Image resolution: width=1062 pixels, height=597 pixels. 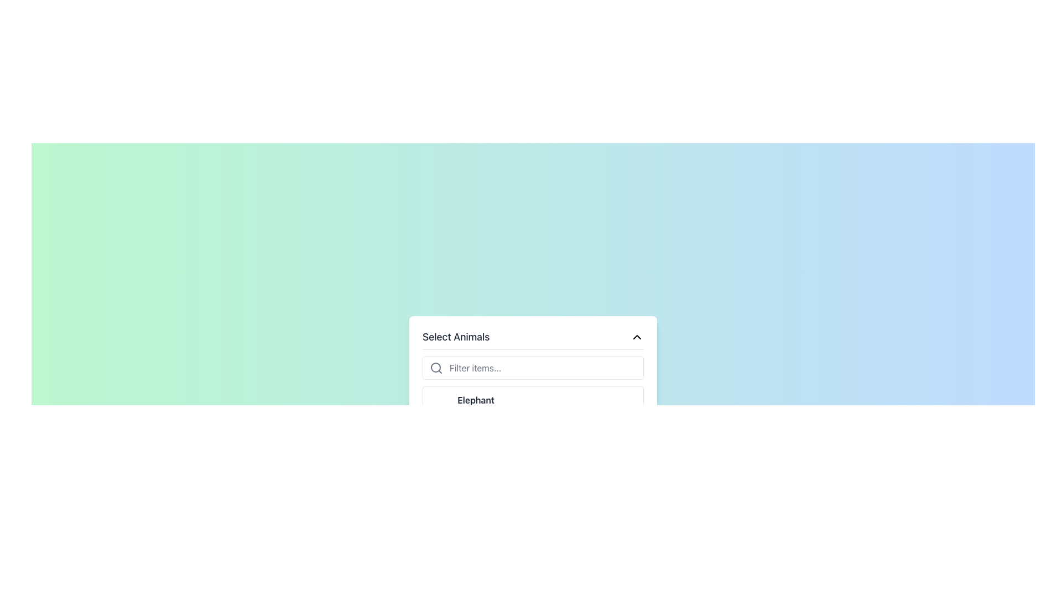 I want to click on the 'Elephant' list item in the dropdown menu for selecting animals, so click(x=476, y=405).